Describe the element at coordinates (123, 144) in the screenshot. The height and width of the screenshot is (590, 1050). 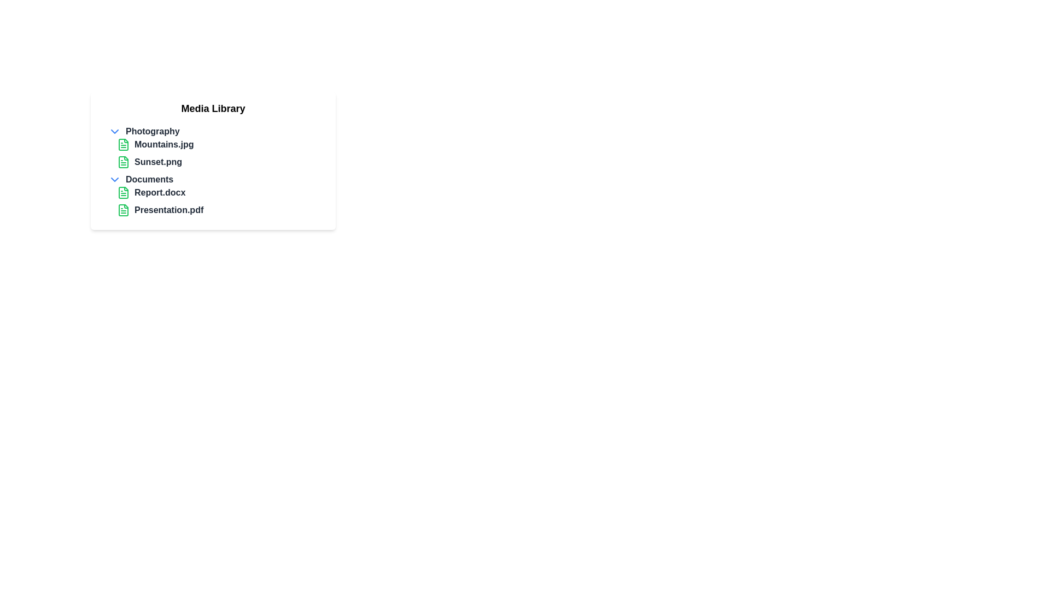
I see `the icon (SVG element) representing the file 'Mountains.jpg' in the 'Media Library' list, located to the left of the label 'Mountains.jpg'` at that location.